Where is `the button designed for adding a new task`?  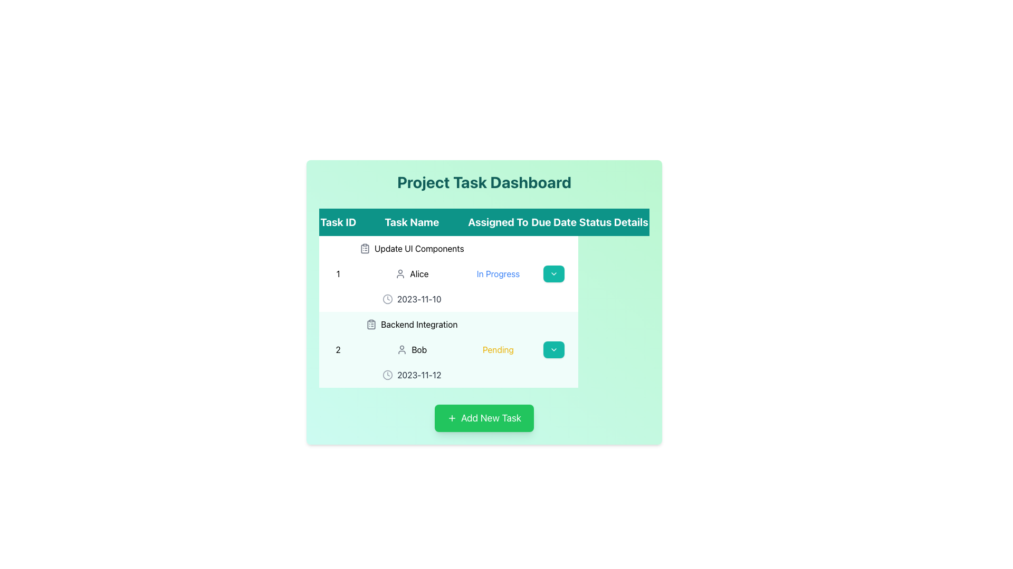
the button designed for adding a new task is located at coordinates (483, 418).